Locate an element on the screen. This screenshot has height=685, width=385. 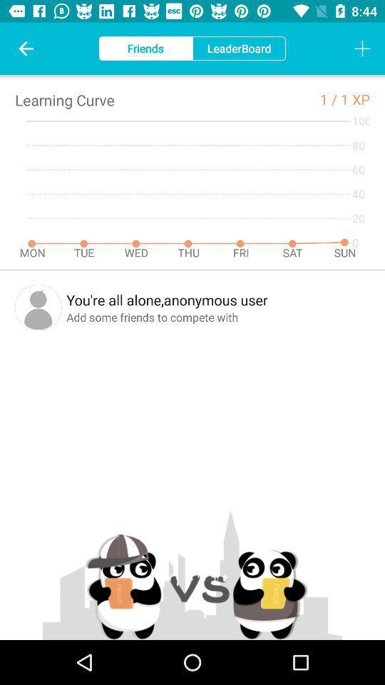
the icon next to you re all is located at coordinates (38, 308).